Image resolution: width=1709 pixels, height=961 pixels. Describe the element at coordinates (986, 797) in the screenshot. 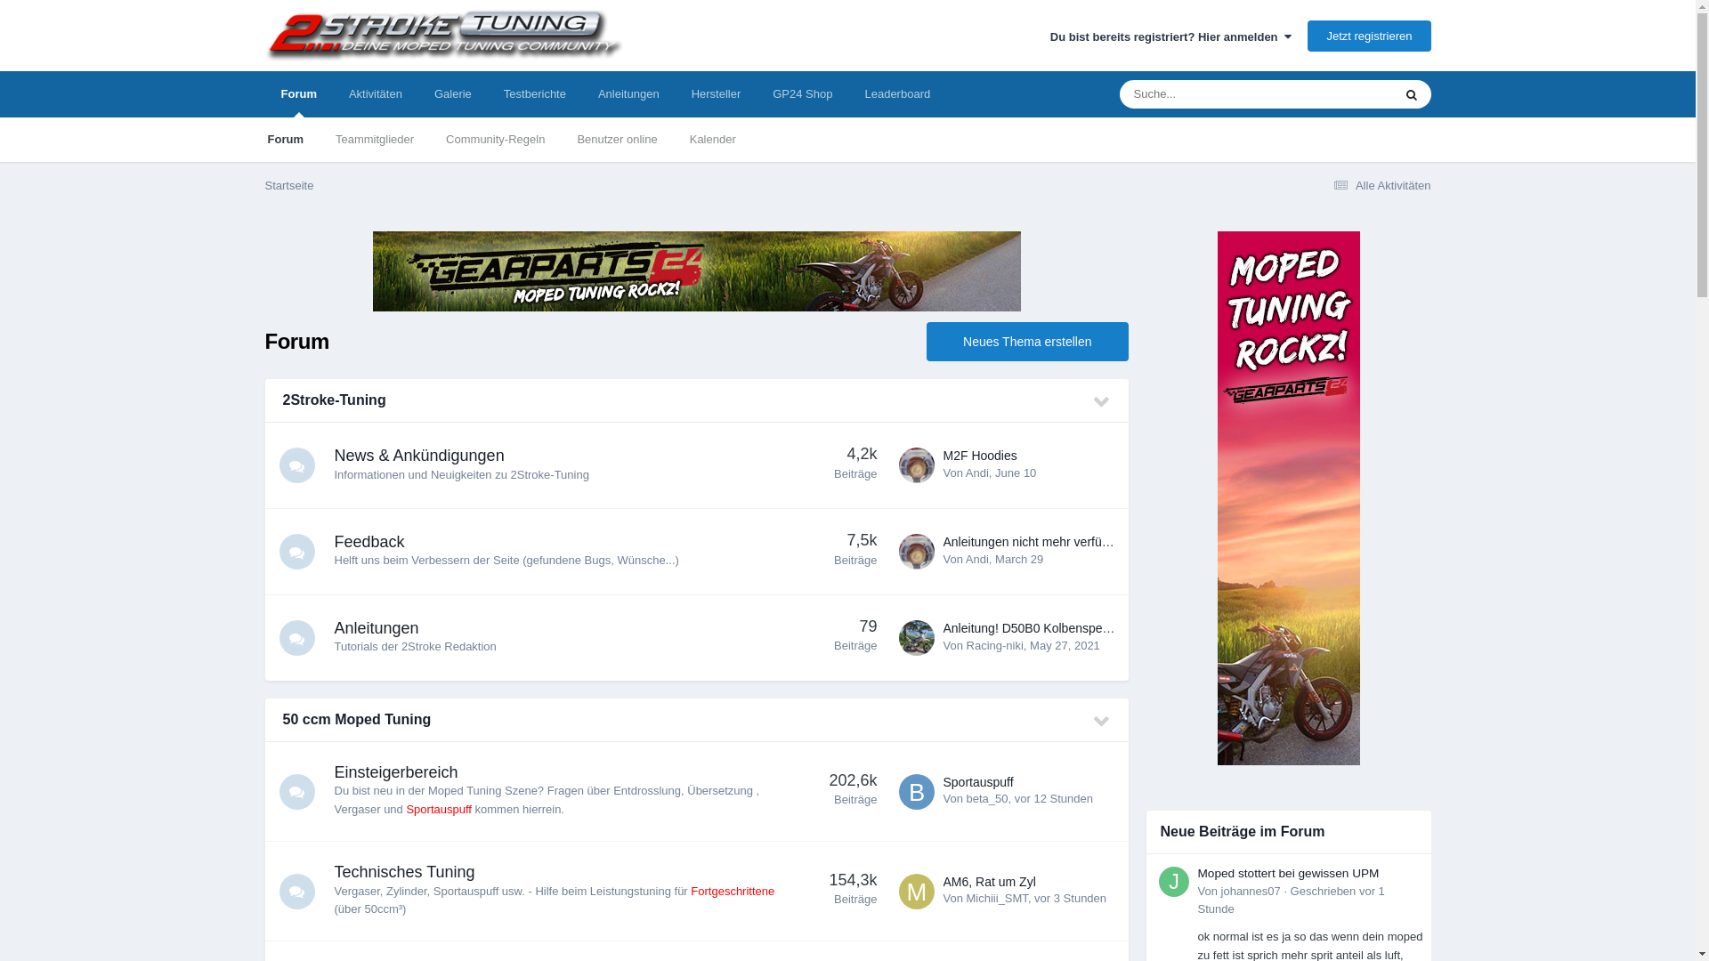

I see `'beta_50'` at that location.